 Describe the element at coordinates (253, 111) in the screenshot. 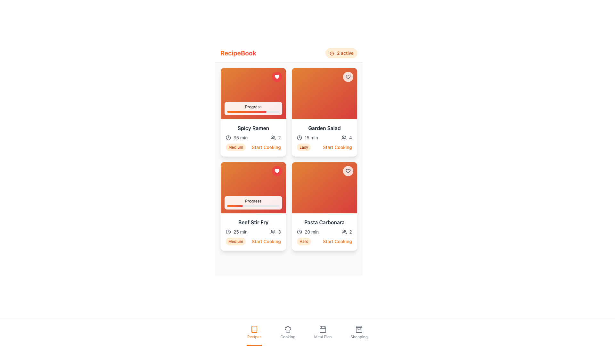

I see `the progress bar located below the 'Progress' label, which visually represents task or recipe completion` at that location.